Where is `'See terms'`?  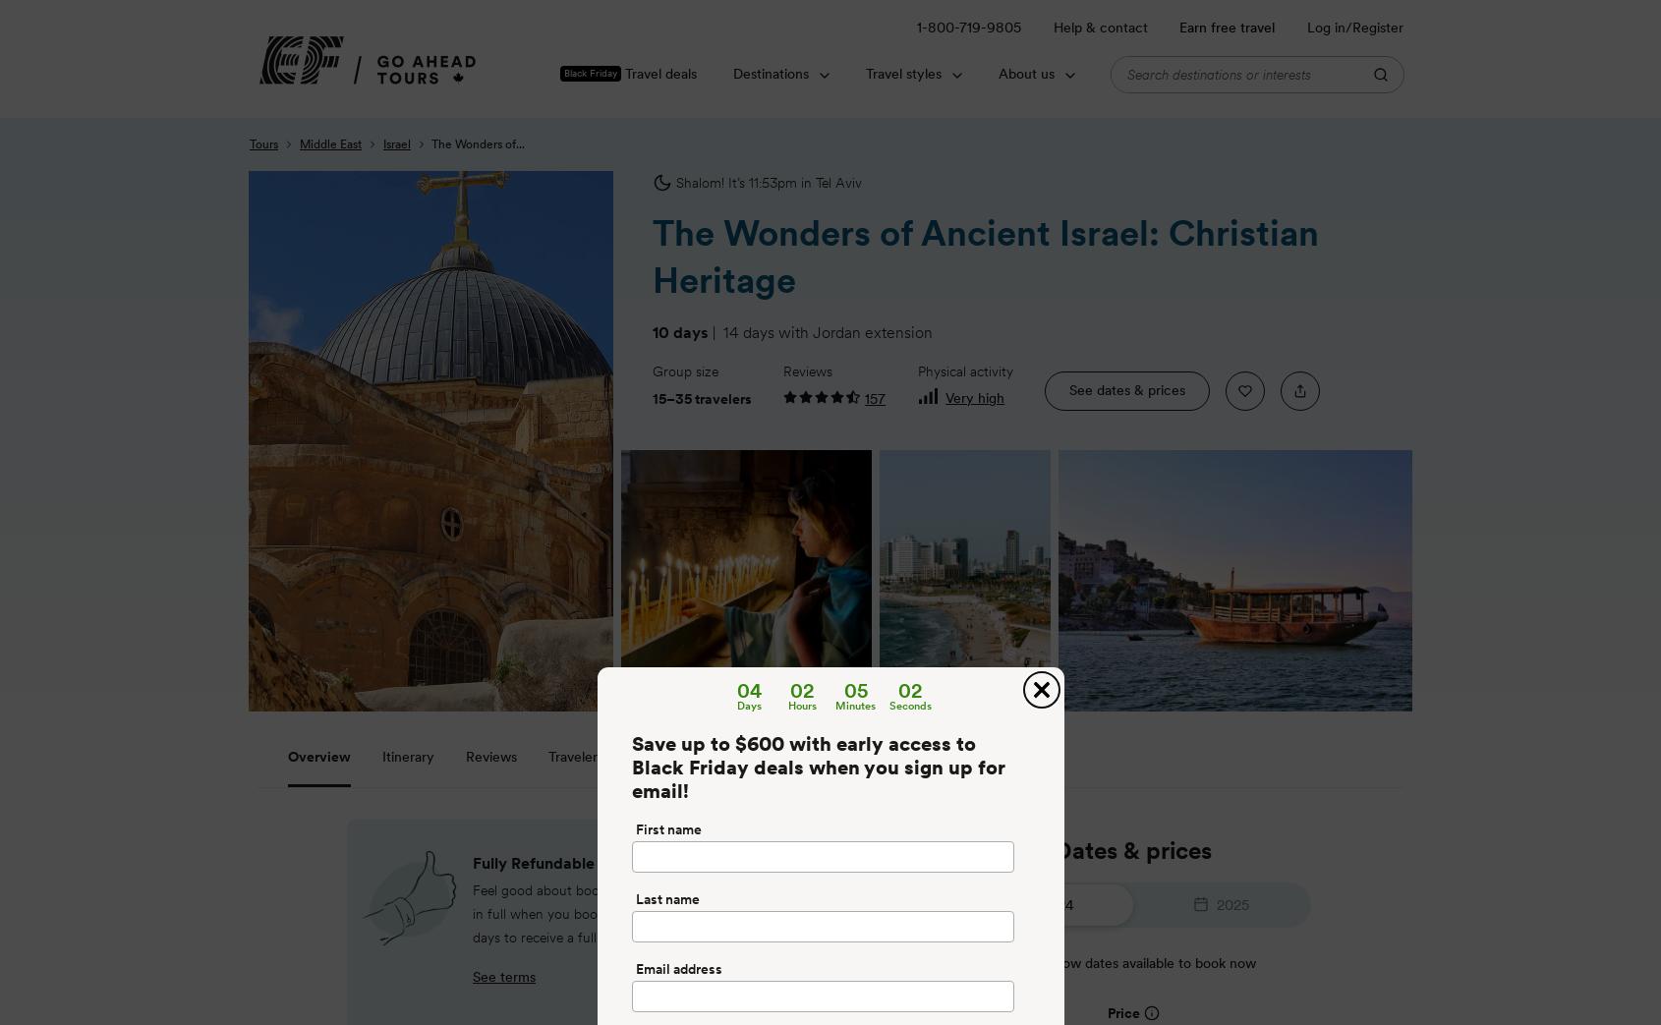 'See terms' is located at coordinates (503, 976).